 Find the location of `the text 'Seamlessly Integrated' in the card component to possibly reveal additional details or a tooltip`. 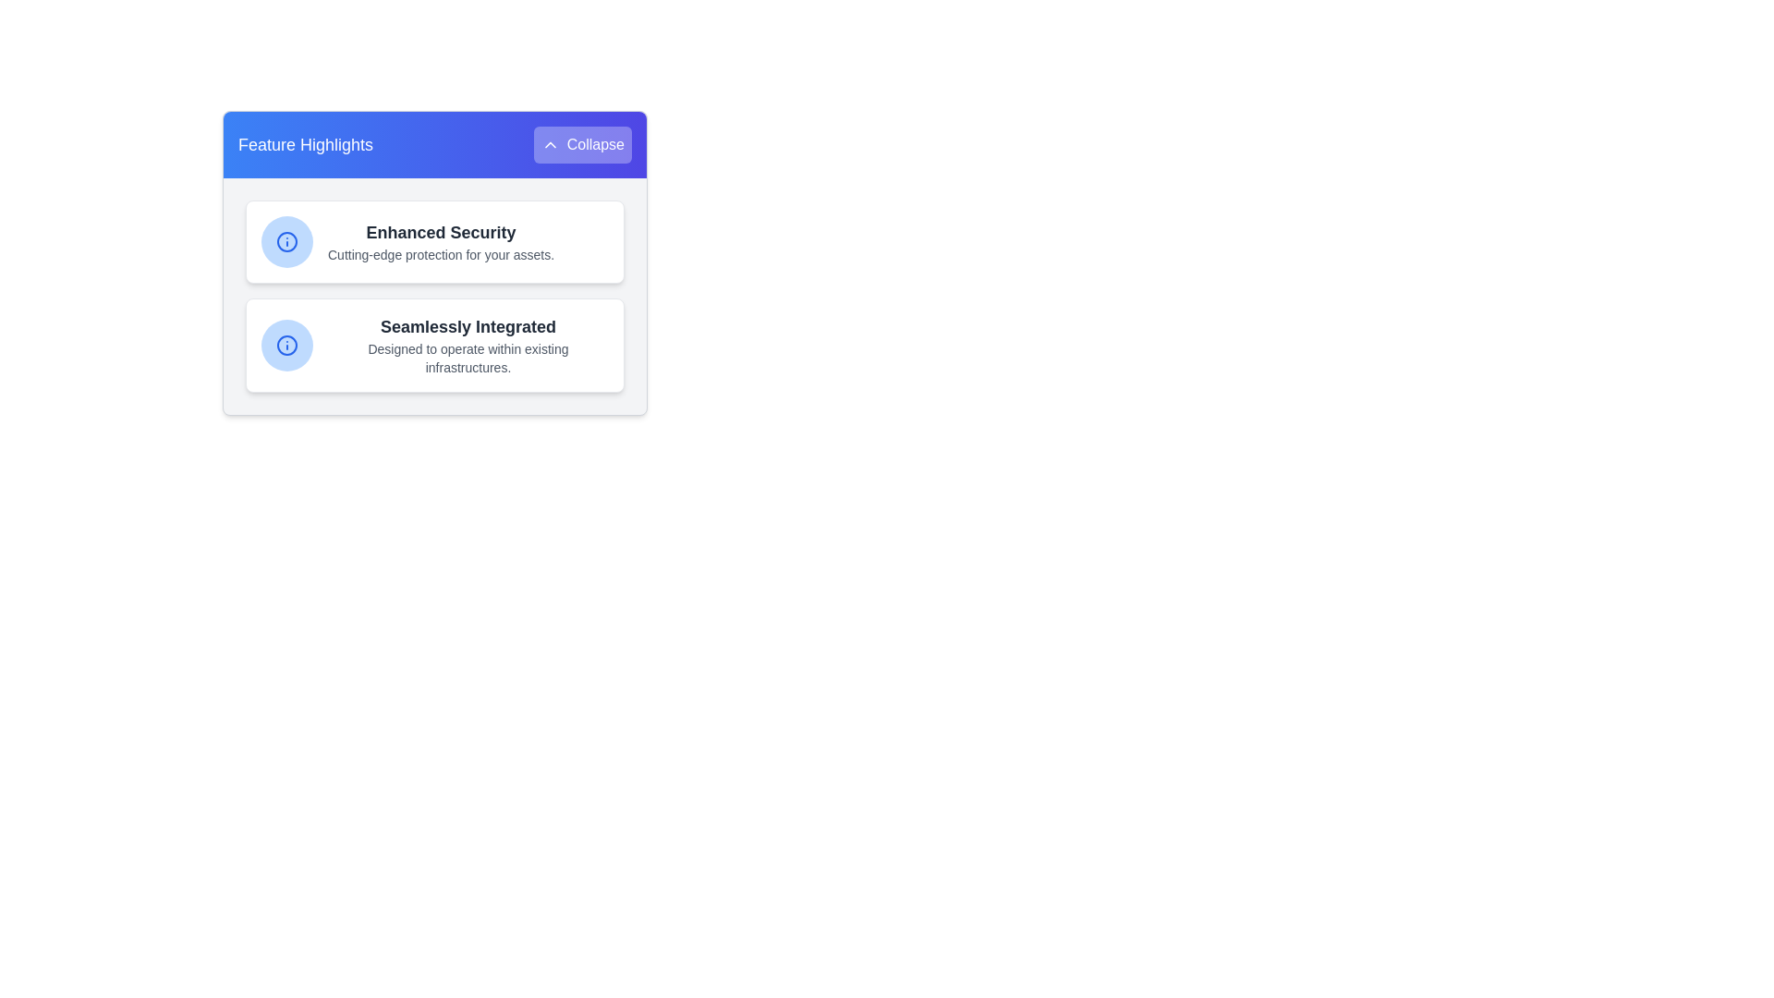

the text 'Seamlessly Integrated' in the card component to possibly reveal additional details or a tooltip is located at coordinates (468, 346).